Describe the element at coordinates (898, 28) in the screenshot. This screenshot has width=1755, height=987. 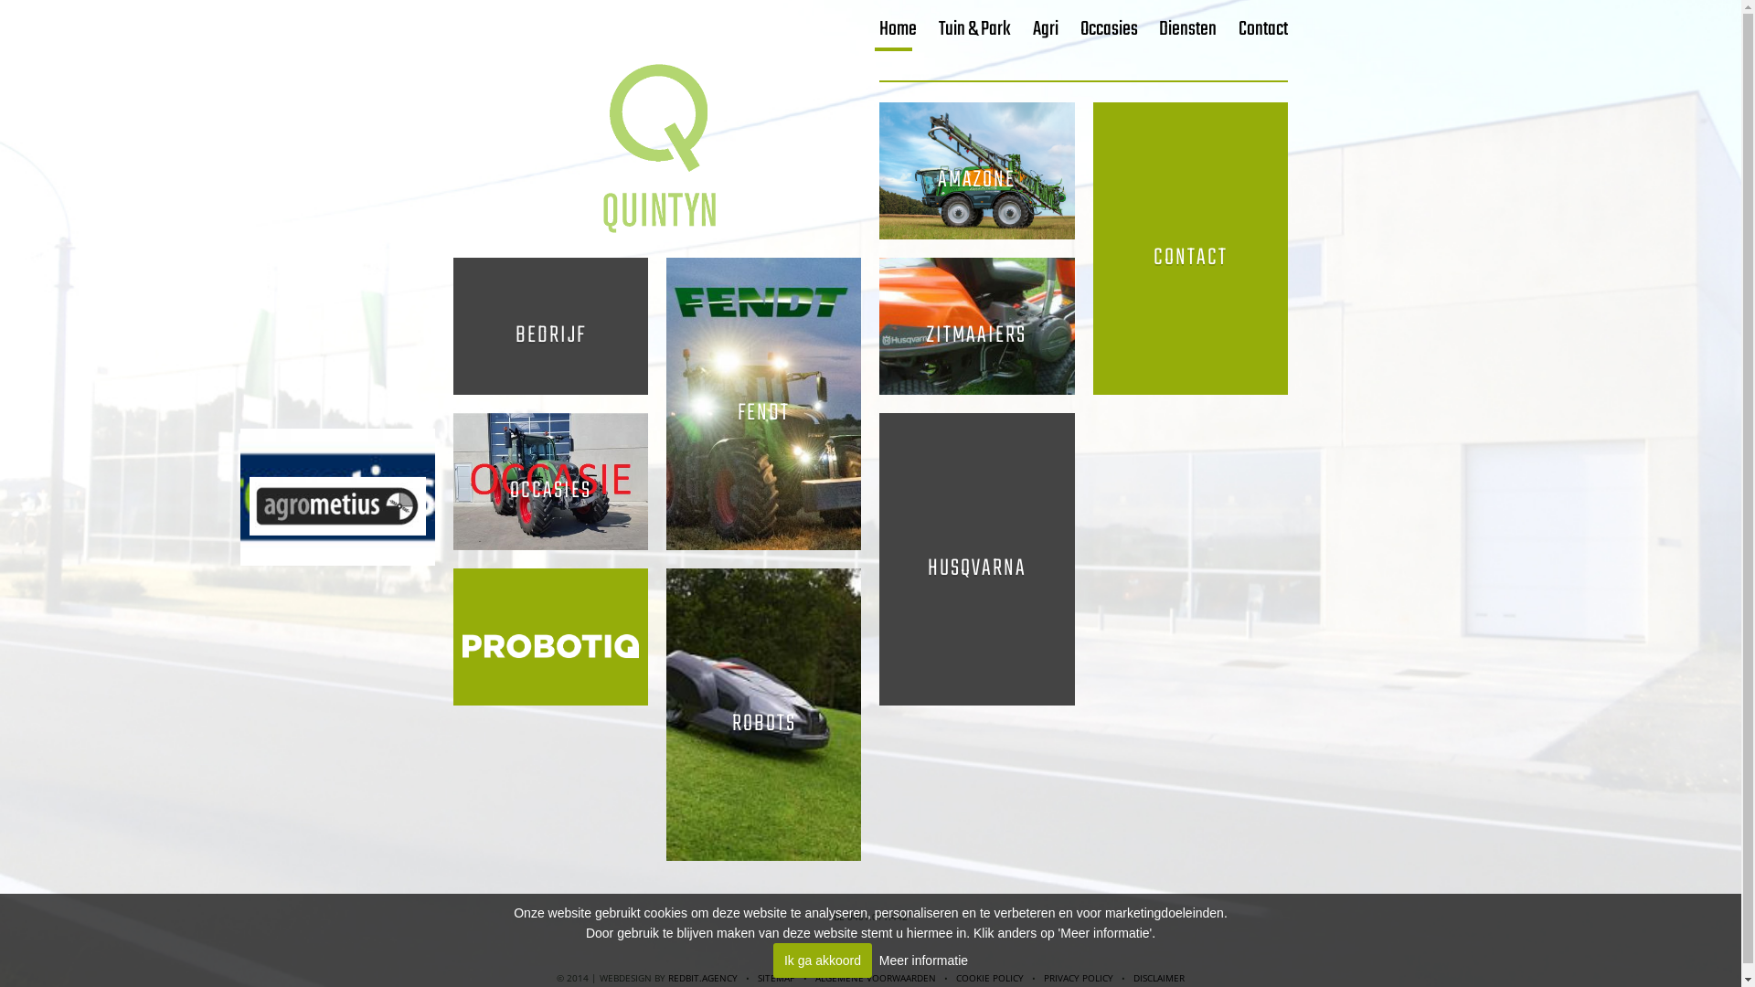
I see `'Home'` at that location.